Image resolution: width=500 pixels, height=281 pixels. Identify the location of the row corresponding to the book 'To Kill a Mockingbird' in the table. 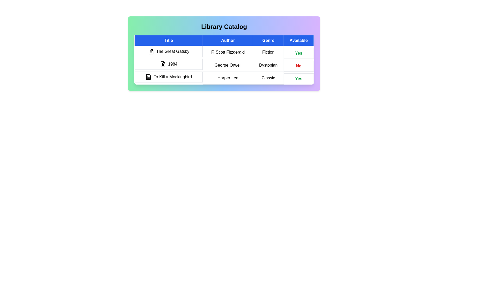
(224, 78).